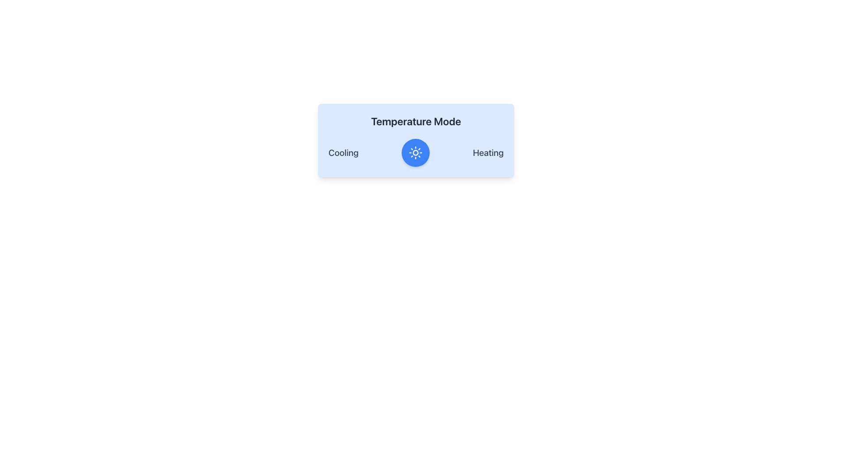 Image resolution: width=841 pixels, height=473 pixels. I want to click on the circular blue button with a white sun icon, located between 'Cooling' and 'Heating' under 'Temperature Mode', so click(415, 152).